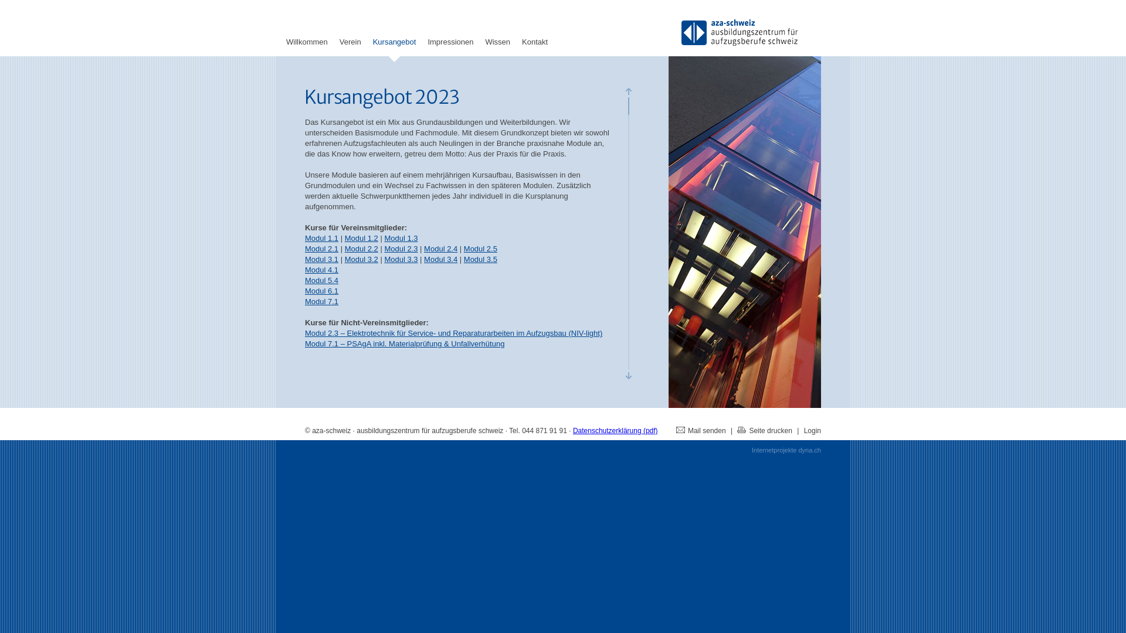  What do you see at coordinates (344, 258) in the screenshot?
I see `'Modul 3.2'` at bounding box center [344, 258].